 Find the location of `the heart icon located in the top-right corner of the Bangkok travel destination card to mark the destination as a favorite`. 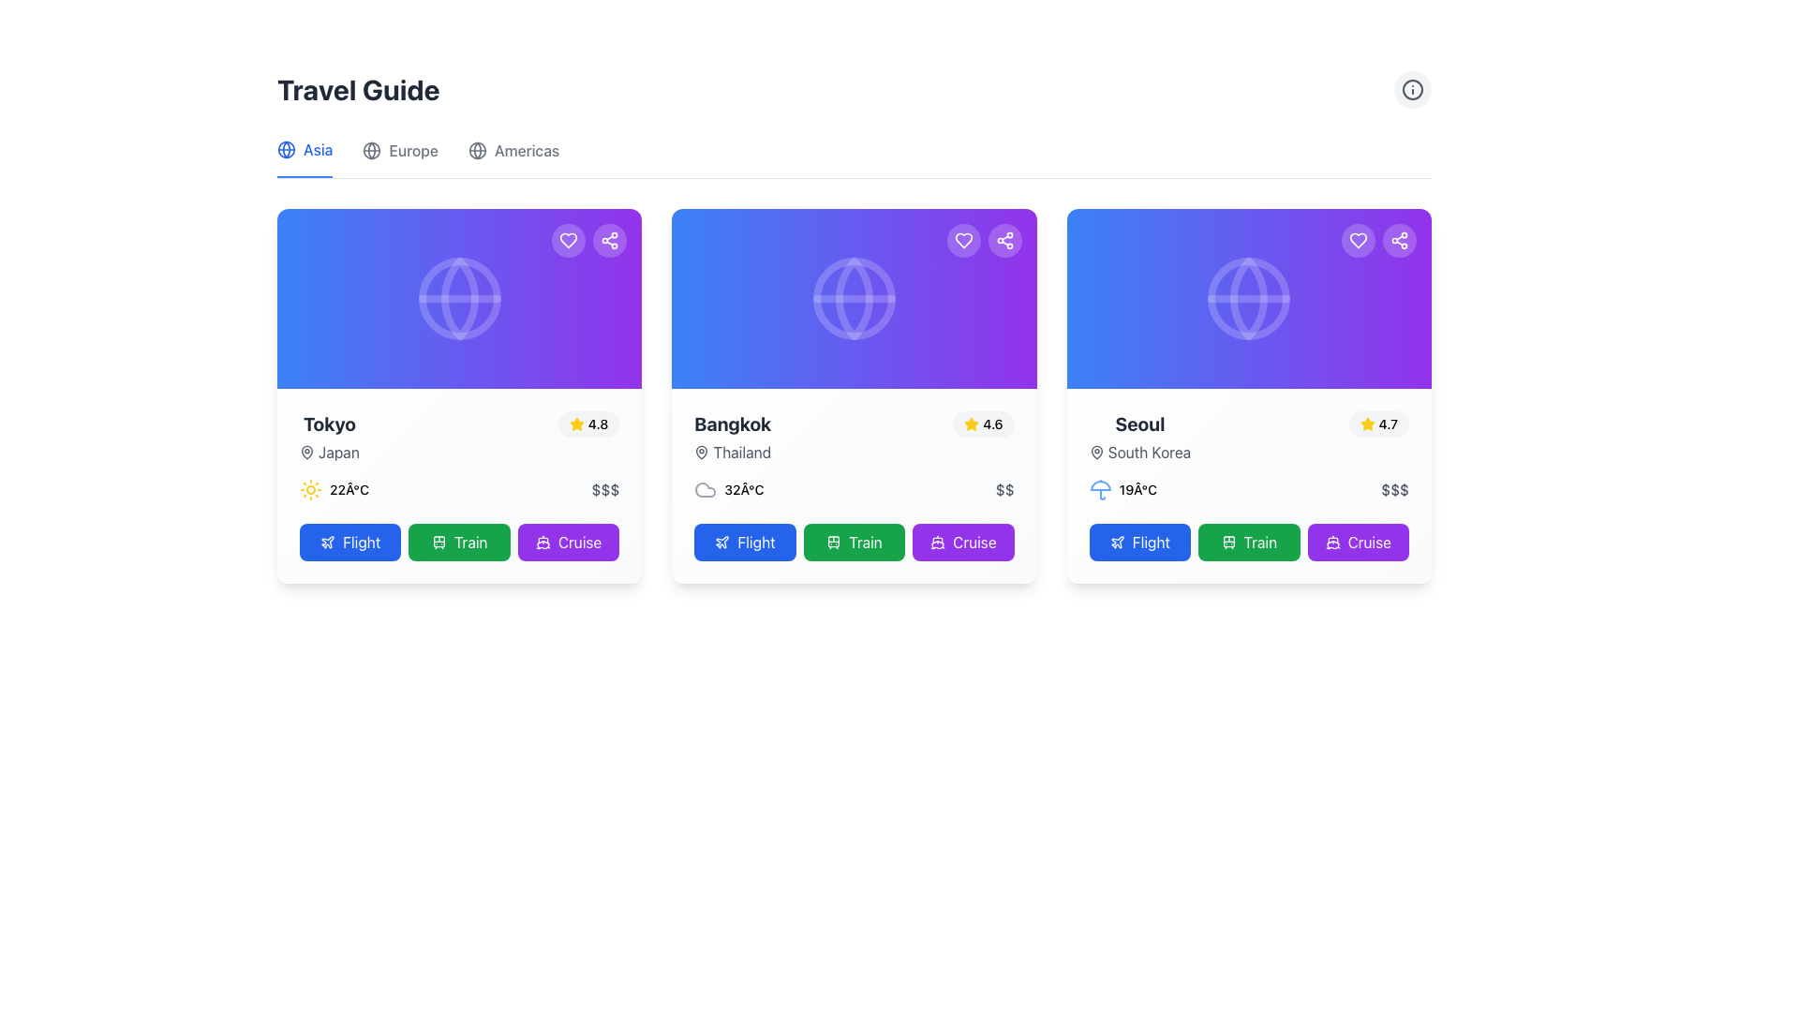

the heart icon located in the top-right corner of the Bangkok travel destination card to mark the destination as a favorite is located at coordinates (963, 240).